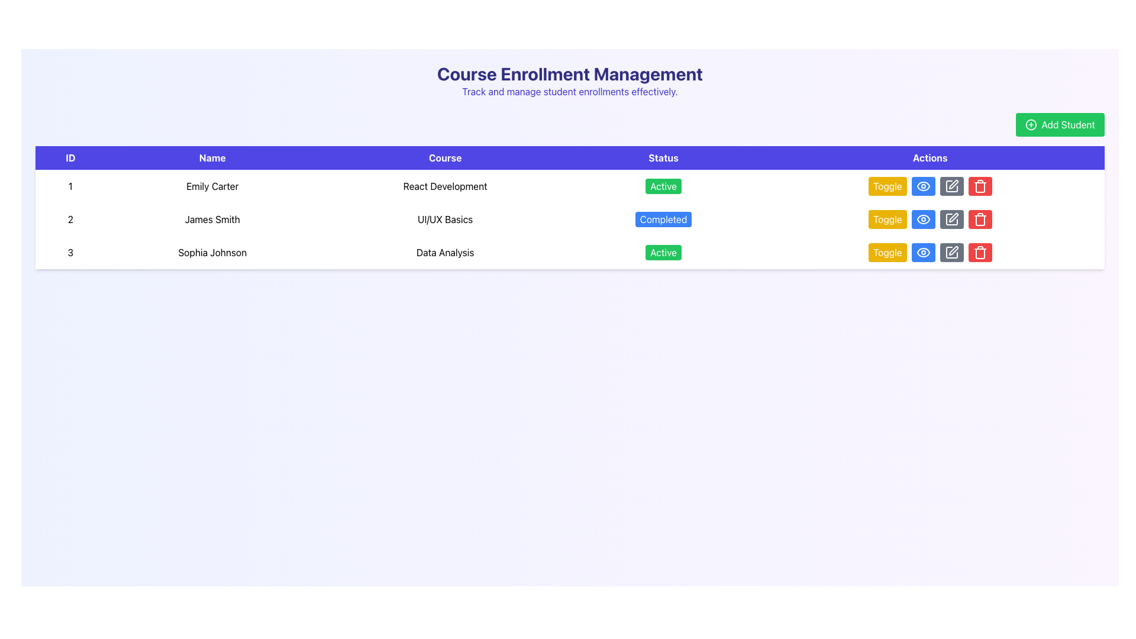  I want to click on the heading text element styled in bold, large indigo font that reads 'Course Enrollment Management', located at the top center of the page, so click(570, 73).